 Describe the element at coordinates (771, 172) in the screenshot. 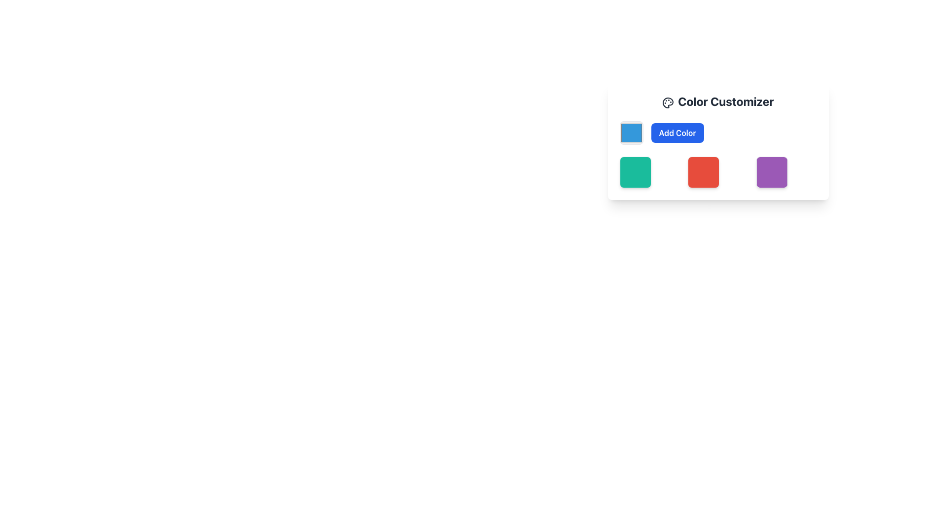

I see `the purple static color swatch located in the bottom-right position of the 'Color Customizer' section` at that location.